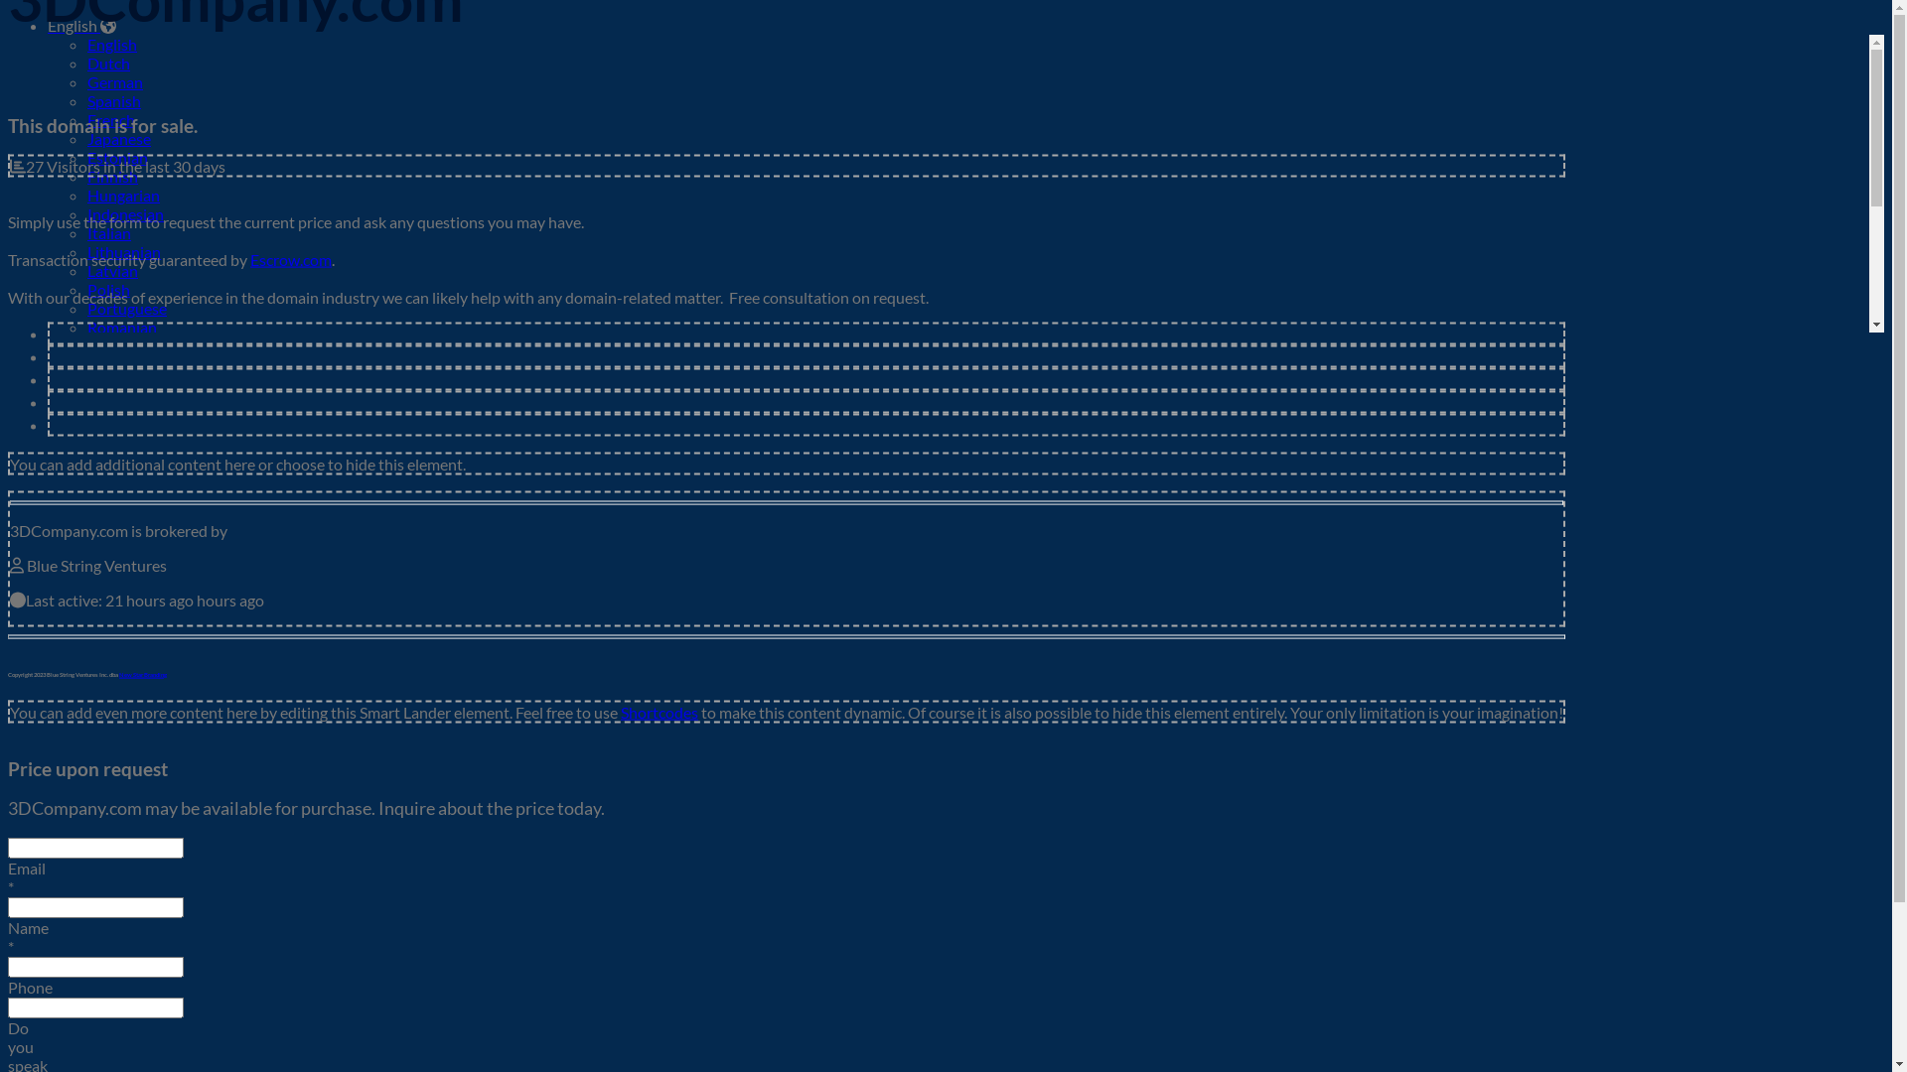 The image size is (1907, 1072). Describe the element at coordinates (108, 231) in the screenshot. I see `'Italian'` at that location.